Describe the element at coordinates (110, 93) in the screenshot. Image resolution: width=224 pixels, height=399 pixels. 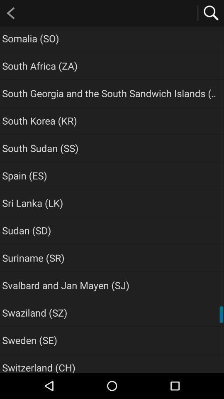
I see `the south georgia and item` at that location.